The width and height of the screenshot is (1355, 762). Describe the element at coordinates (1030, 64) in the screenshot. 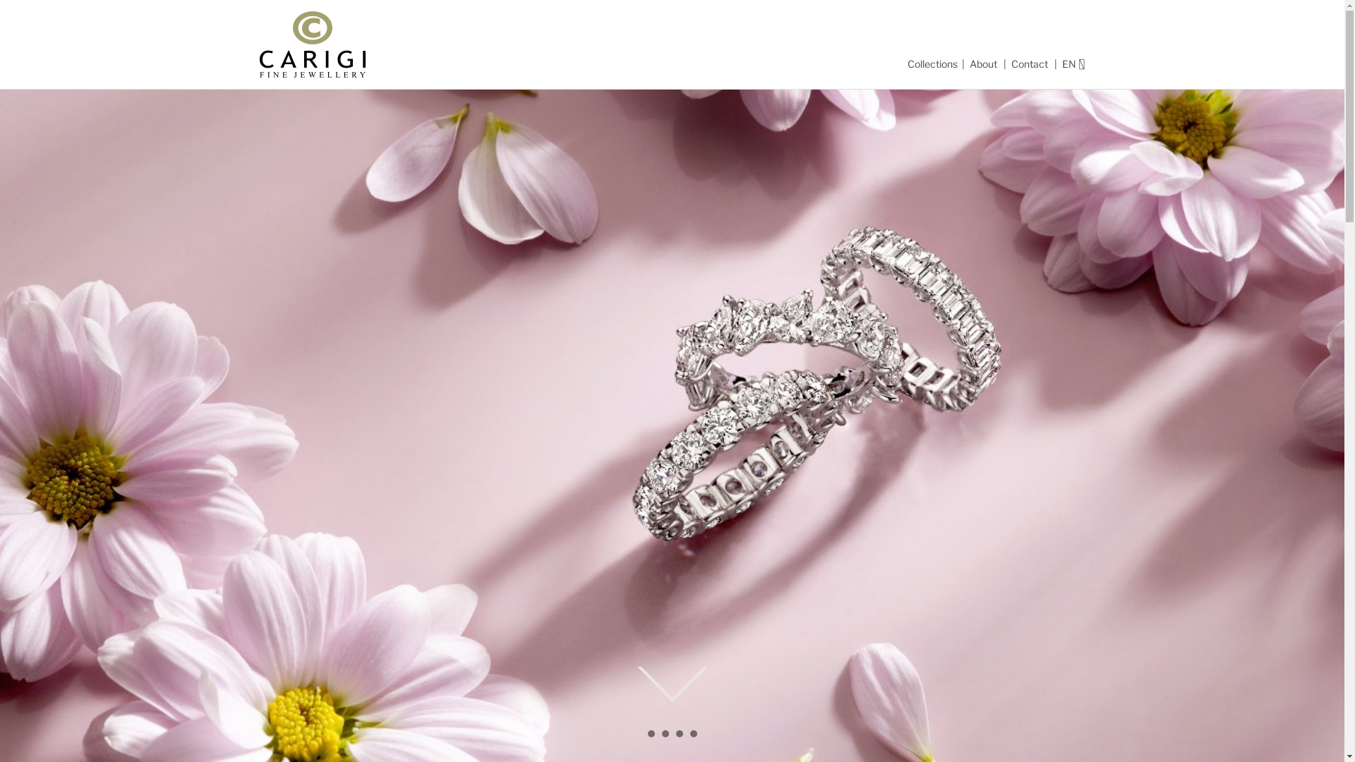

I see `'Contact'` at that location.